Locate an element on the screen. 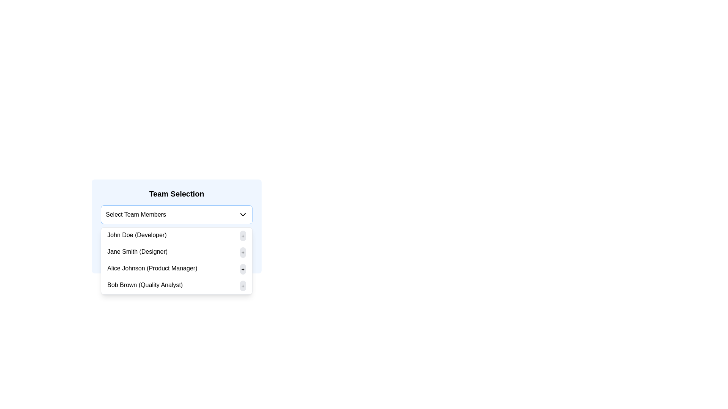 This screenshot has height=409, width=728. the '+' button of the list item displaying 'John Doe (Developer)' in the dropdown list under 'Select Team Members' is located at coordinates (176, 236).